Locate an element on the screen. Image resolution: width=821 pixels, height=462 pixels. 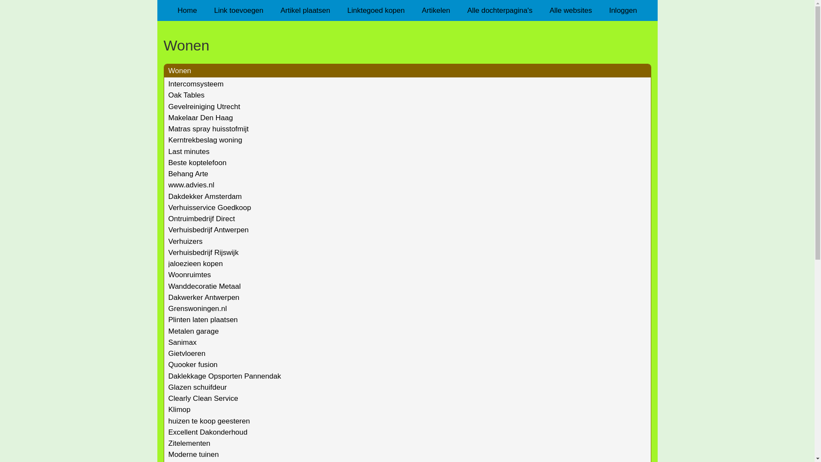
'Clearly Clean Service' is located at coordinates (203, 398).